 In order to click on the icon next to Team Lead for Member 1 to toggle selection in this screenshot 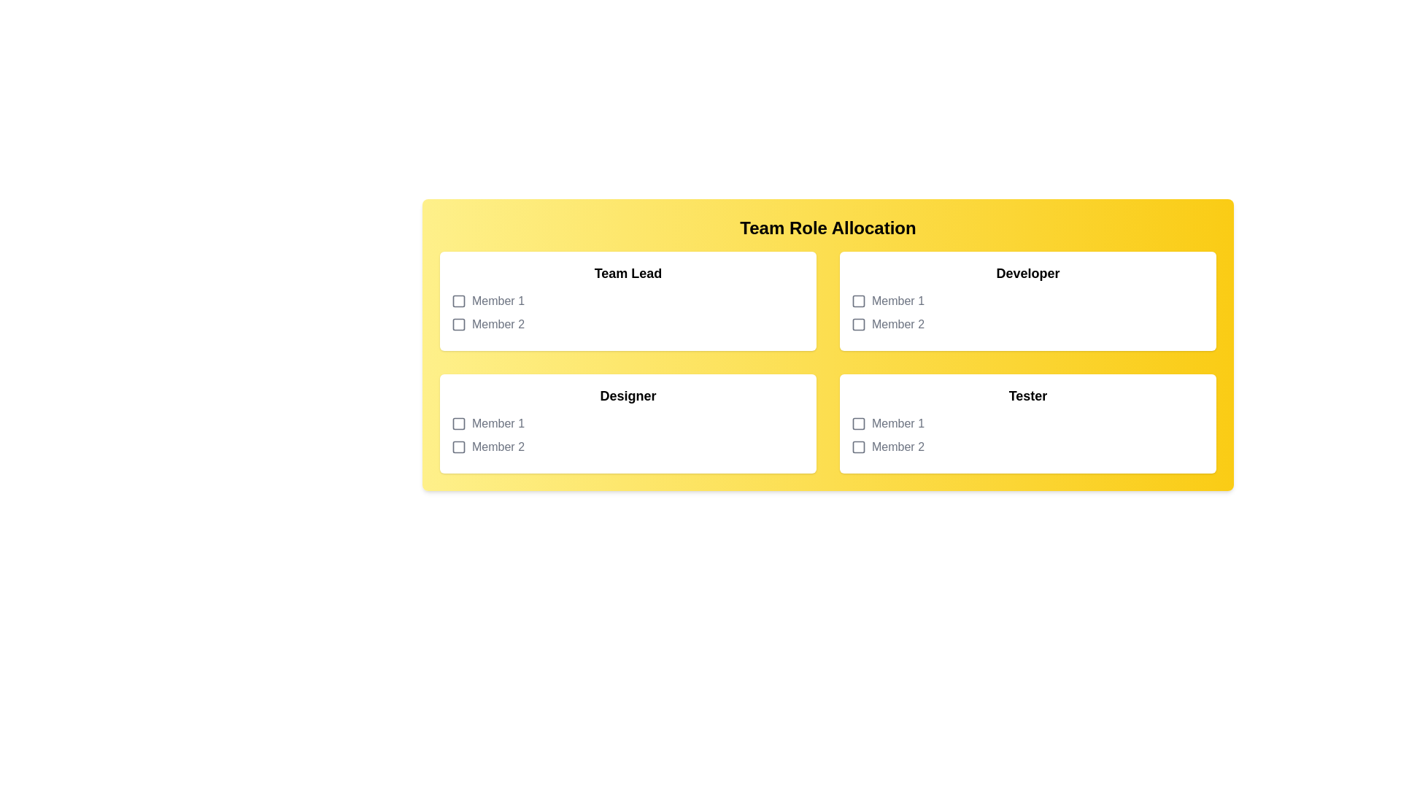, I will do `click(458, 300)`.